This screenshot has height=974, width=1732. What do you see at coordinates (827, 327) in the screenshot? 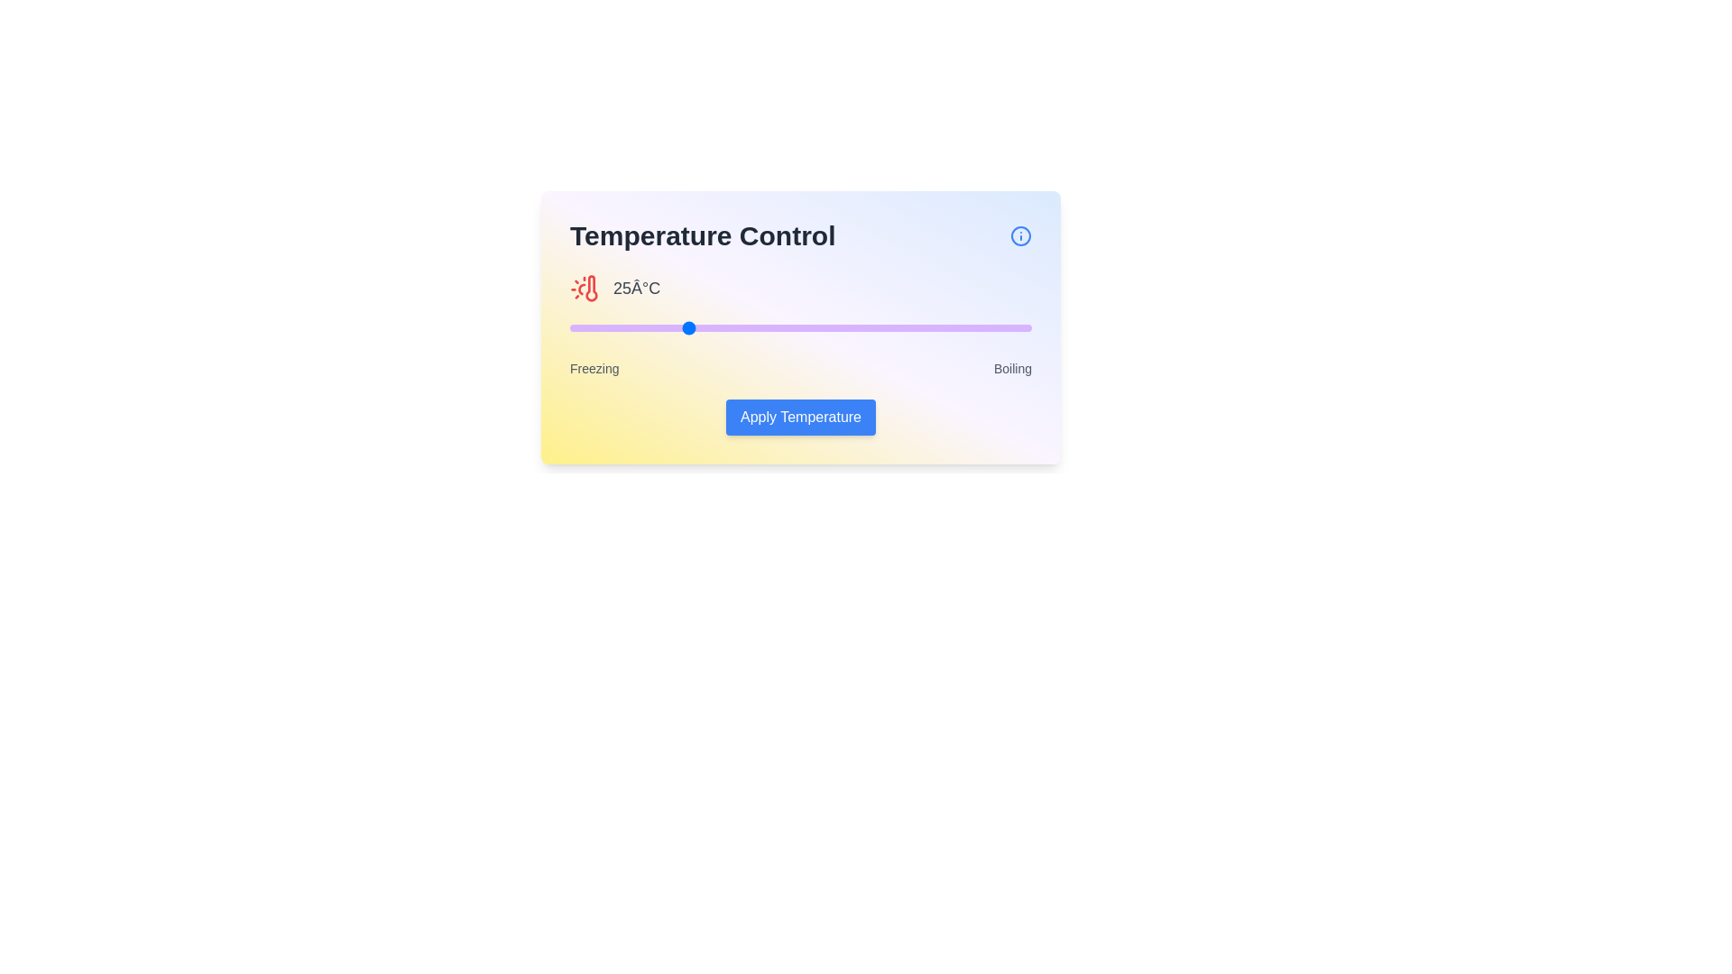
I see `the temperature slider to 56 percent` at bounding box center [827, 327].